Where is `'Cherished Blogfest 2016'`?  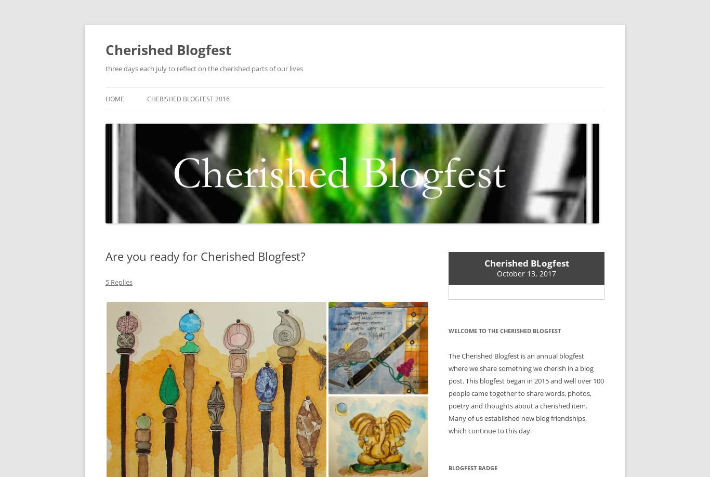 'Cherished Blogfest 2016' is located at coordinates (147, 99).